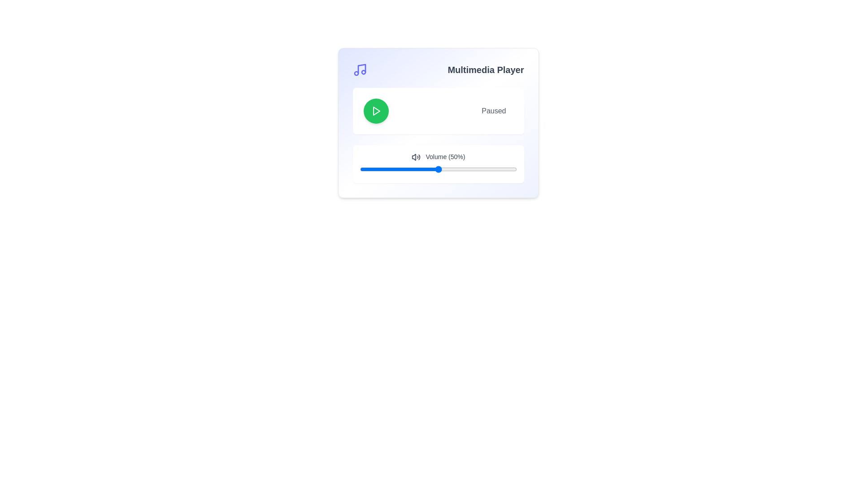  Describe the element at coordinates (493, 110) in the screenshot. I see `the 'Paused' text label, which is displayed in a subdued gray color and is positioned to the right of a circular green play button` at that location.